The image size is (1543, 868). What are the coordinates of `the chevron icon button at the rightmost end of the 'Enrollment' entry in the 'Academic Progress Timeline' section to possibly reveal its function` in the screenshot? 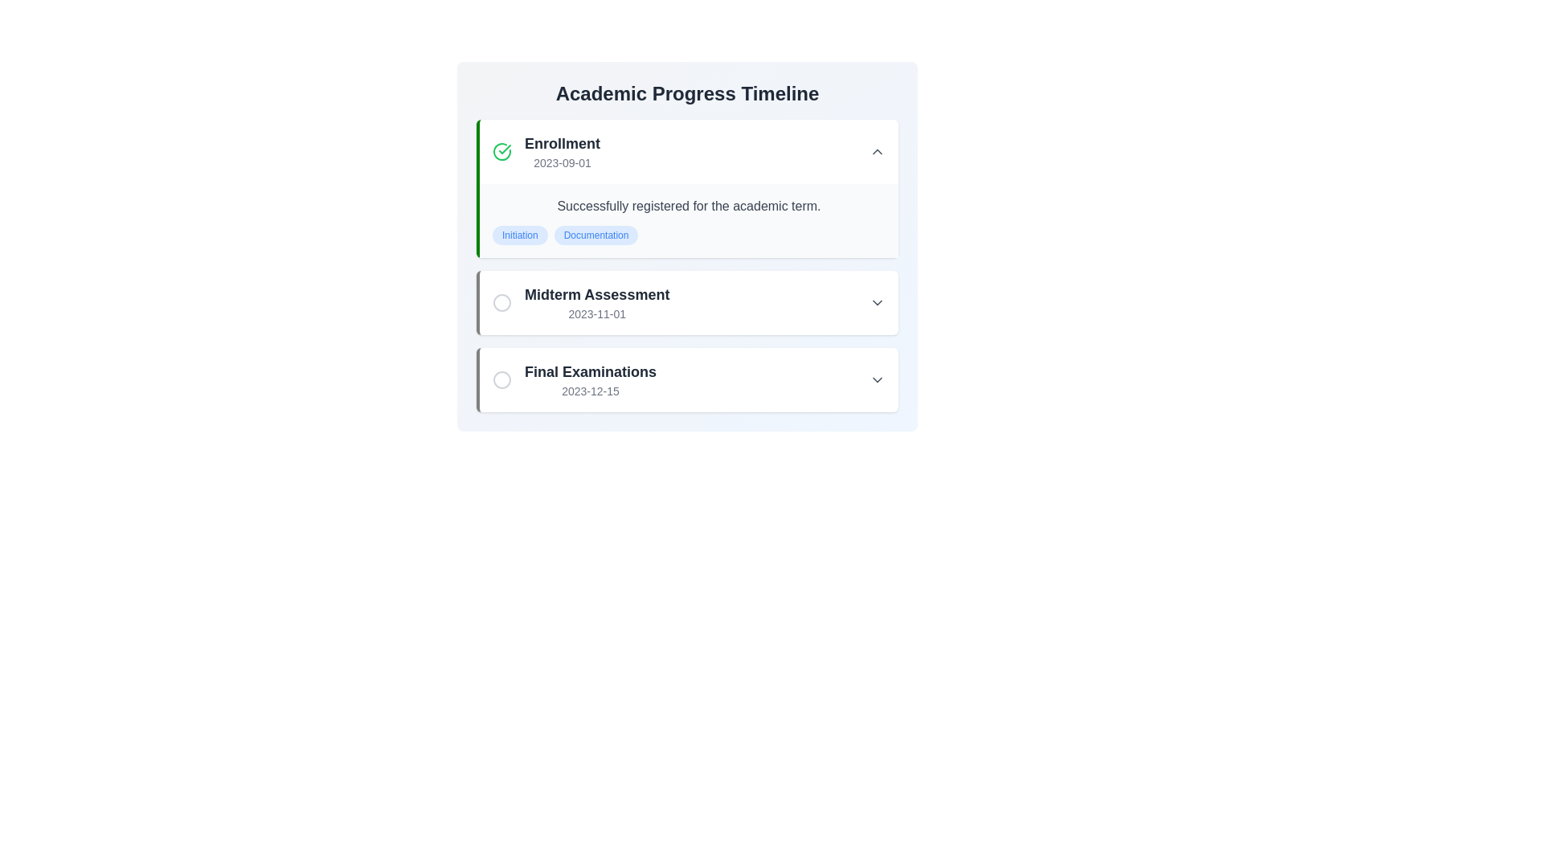 It's located at (876, 152).